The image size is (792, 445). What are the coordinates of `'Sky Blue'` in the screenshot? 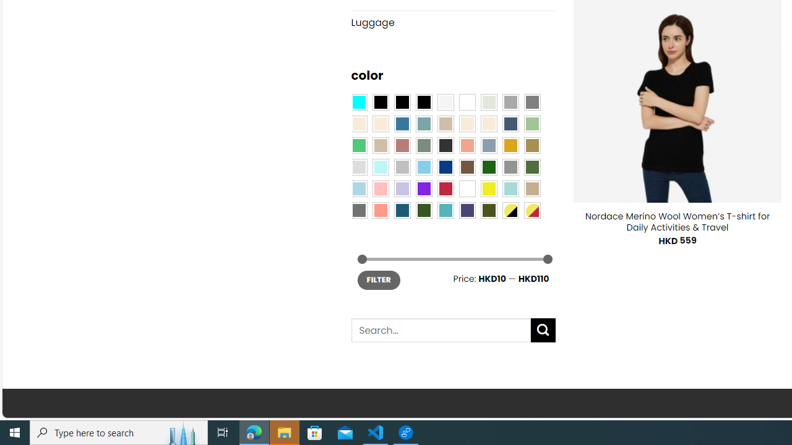 It's located at (423, 167).